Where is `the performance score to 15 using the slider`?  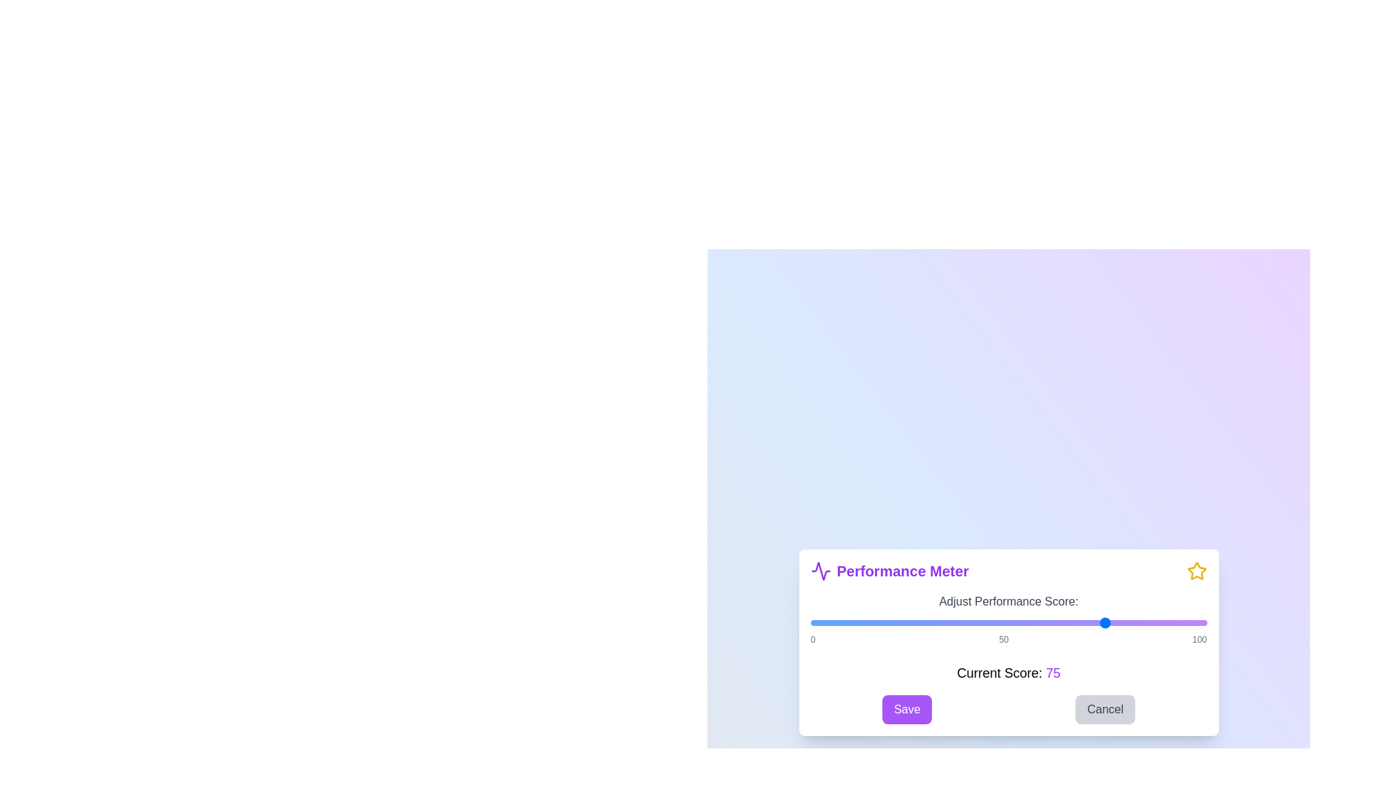
the performance score to 15 using the slider is located at coordinates (870, 623).